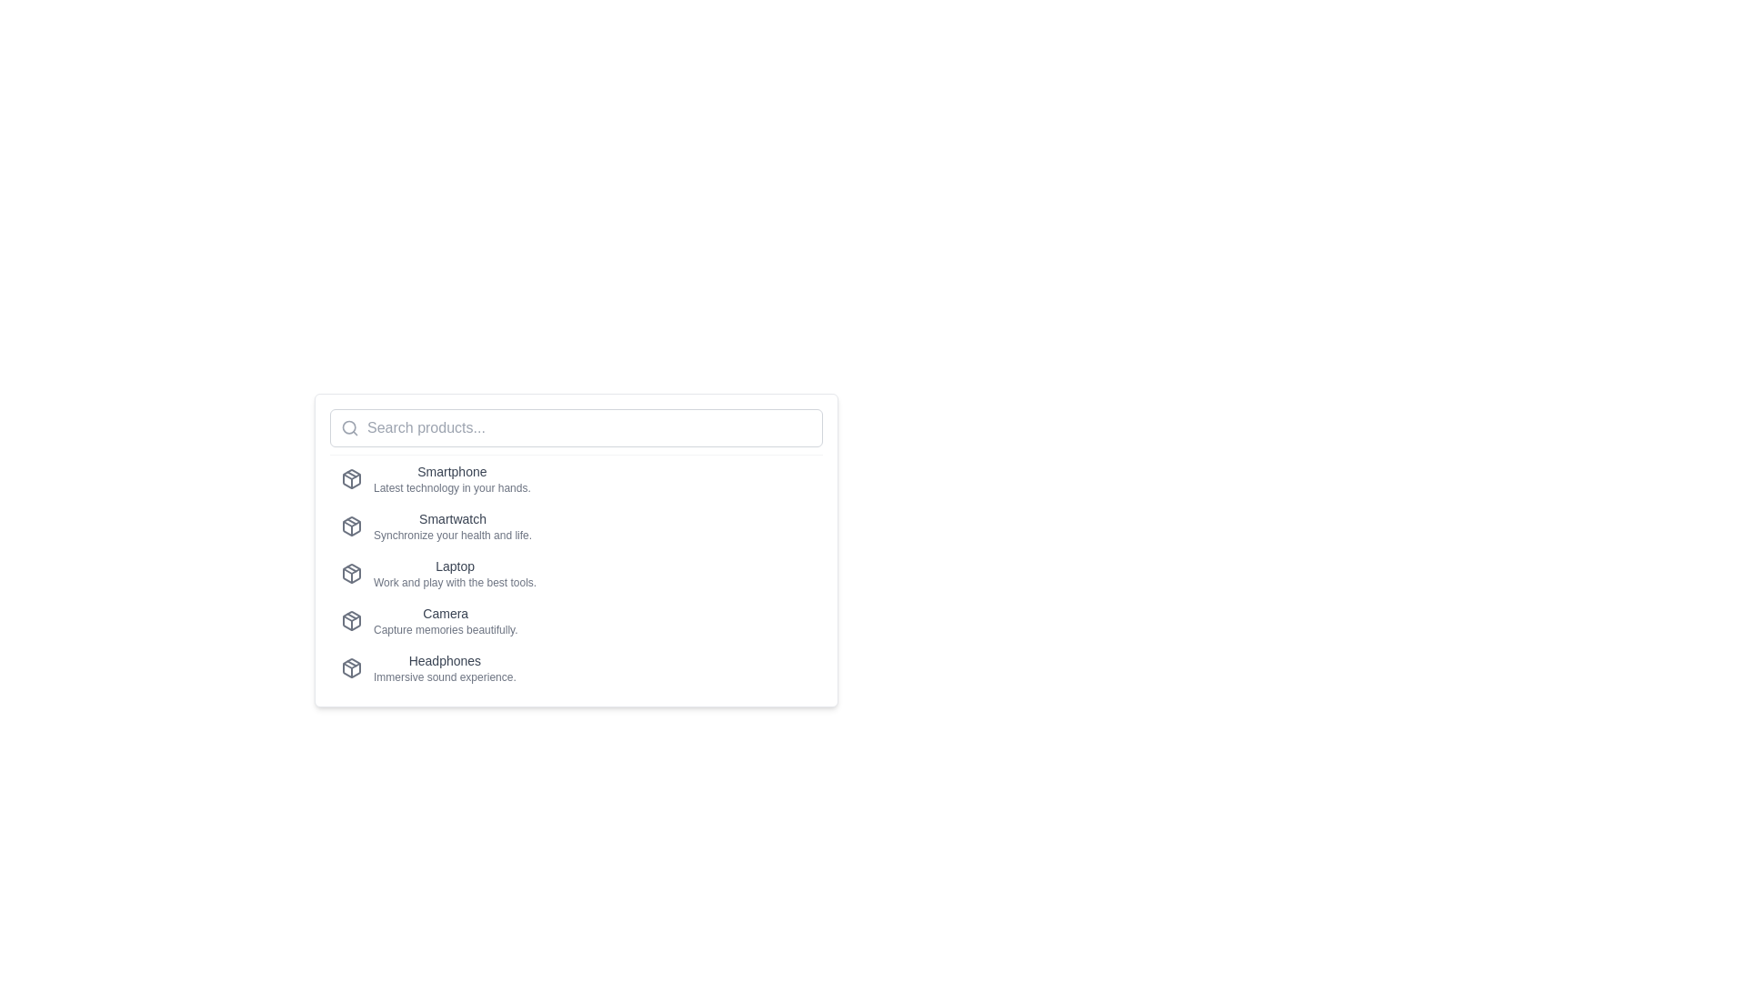  What do you see at coordinates (455, 582) in the screenshot?
I see `the descriptive text label for the product category 'Laptop' that provides supplementary information about it` at bounding box center [455, 582].